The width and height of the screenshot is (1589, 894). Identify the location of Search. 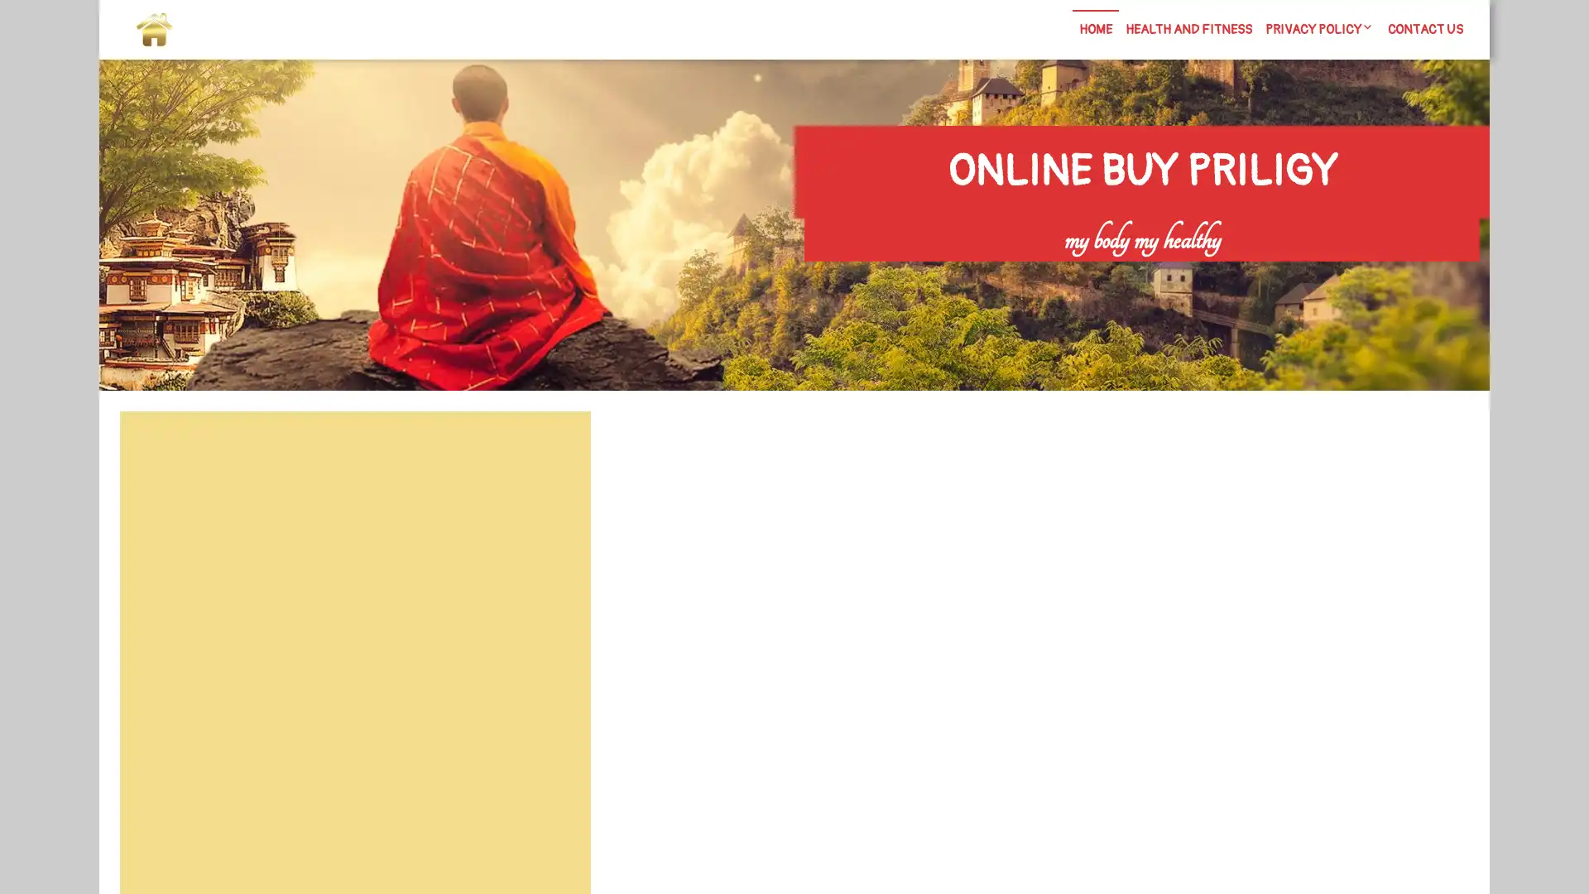
(1289, 271).